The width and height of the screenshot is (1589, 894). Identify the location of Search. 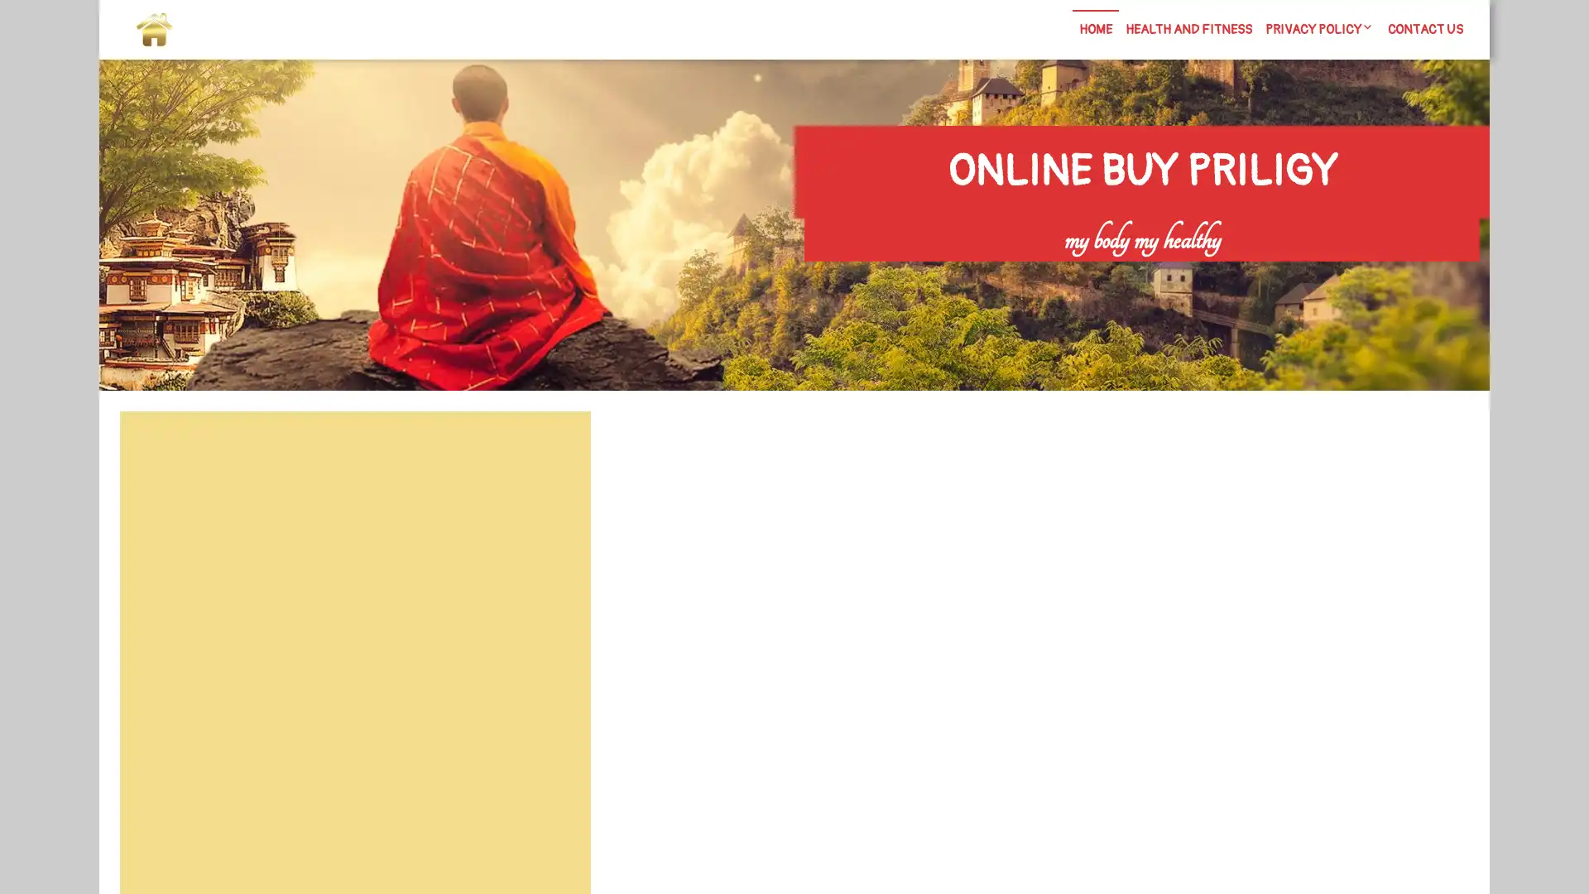
(1289, 271).